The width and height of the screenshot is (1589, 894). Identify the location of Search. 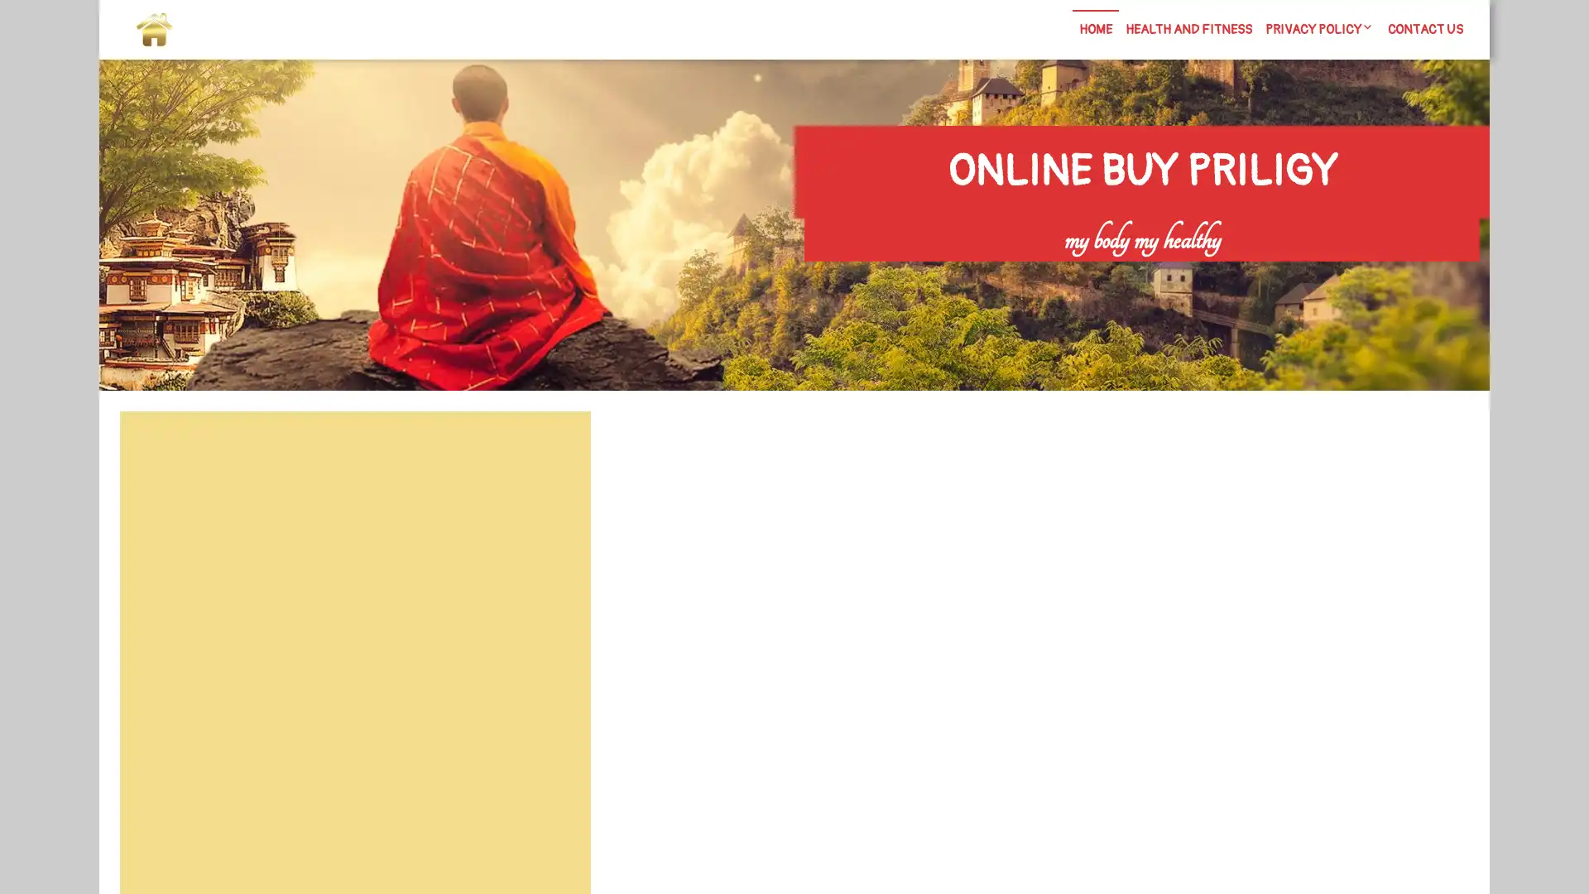
(1289, 271).